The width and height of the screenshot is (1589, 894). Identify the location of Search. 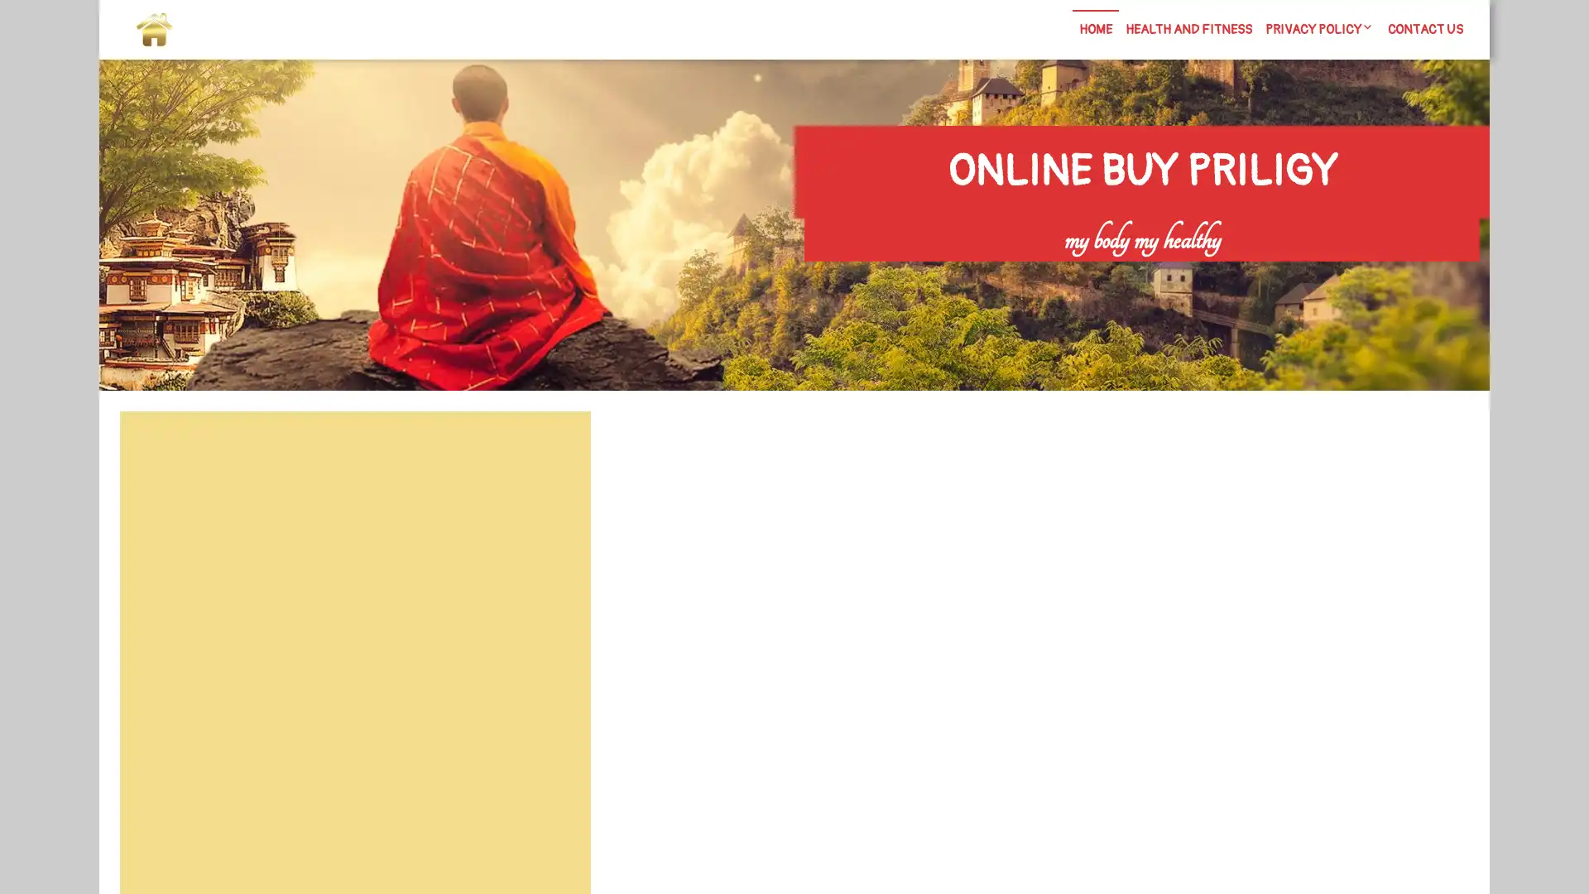
(1289, 271).